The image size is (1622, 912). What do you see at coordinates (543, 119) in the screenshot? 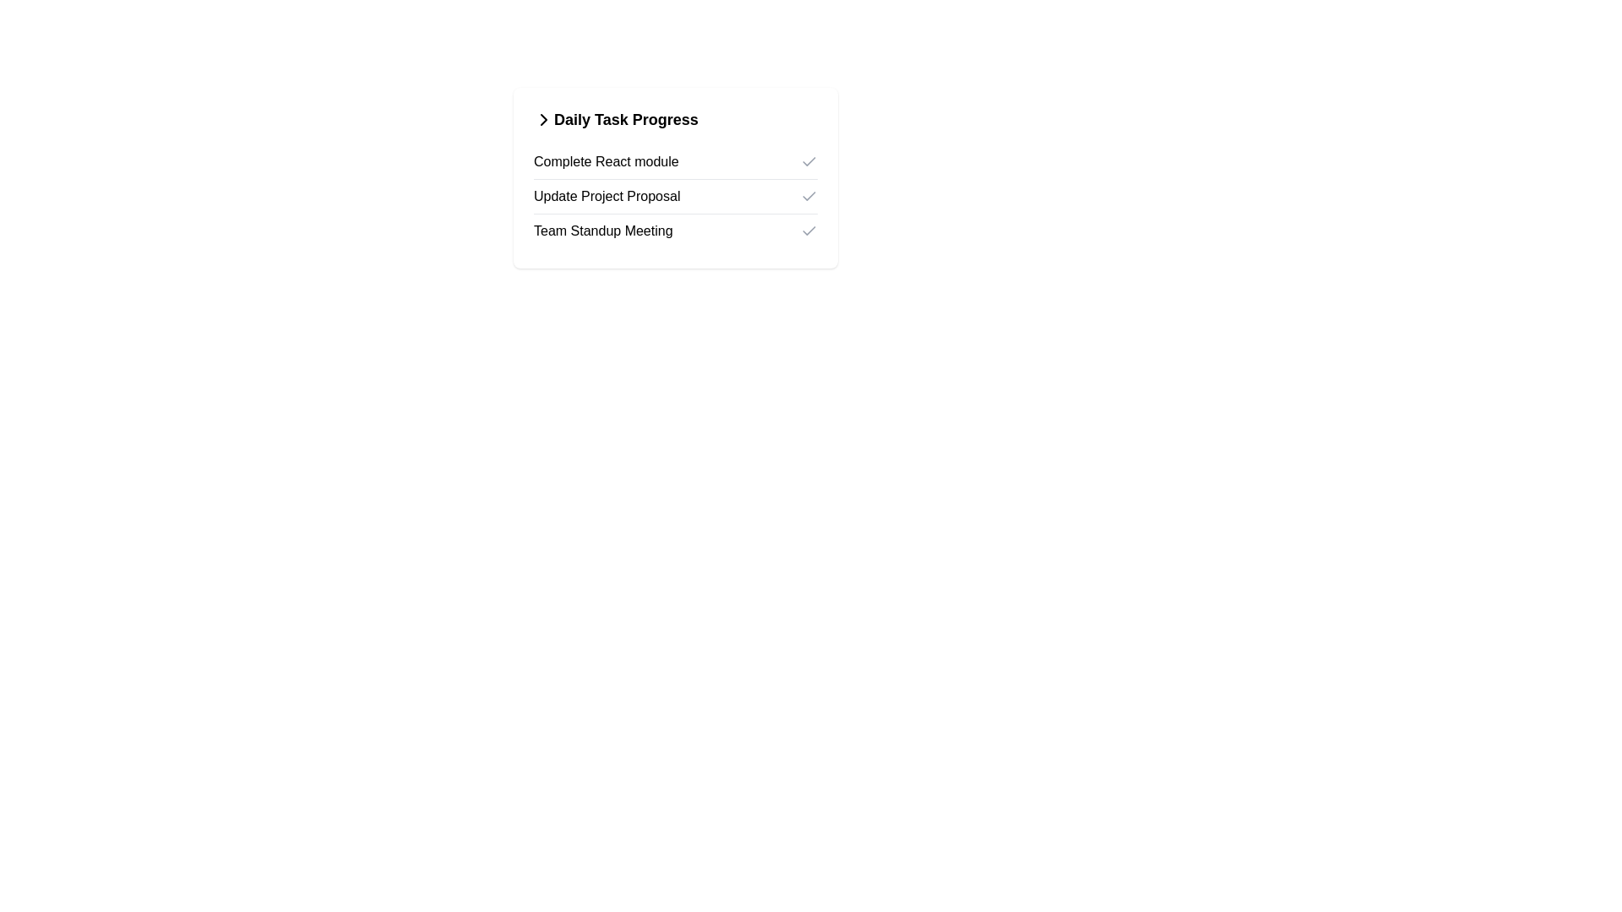
I see `the visual cue of the right-facing chevron arrow icon located within the 'Daily Task Progress' card, positioned to the left of the title text` at bounding box center [543, 119].